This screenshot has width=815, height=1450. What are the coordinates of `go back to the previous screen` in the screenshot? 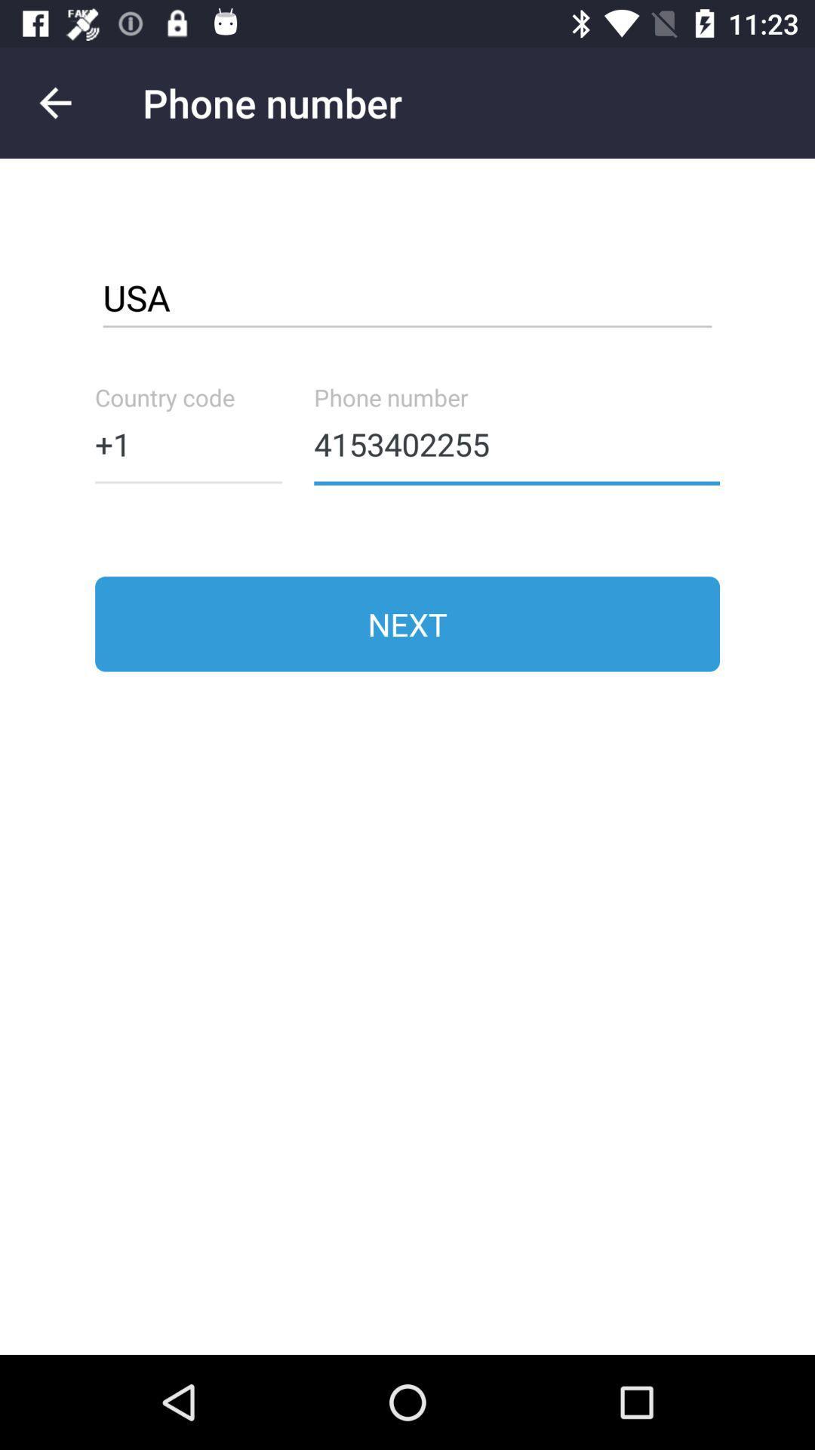 It's located at (54, 102).